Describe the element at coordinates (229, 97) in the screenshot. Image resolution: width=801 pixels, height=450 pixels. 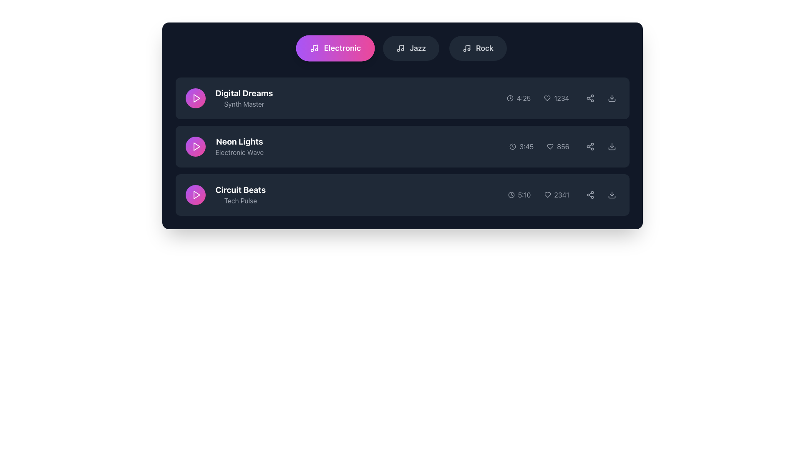
I see `the media track item labeled 'Digital Dreams' with the play button` at that location.